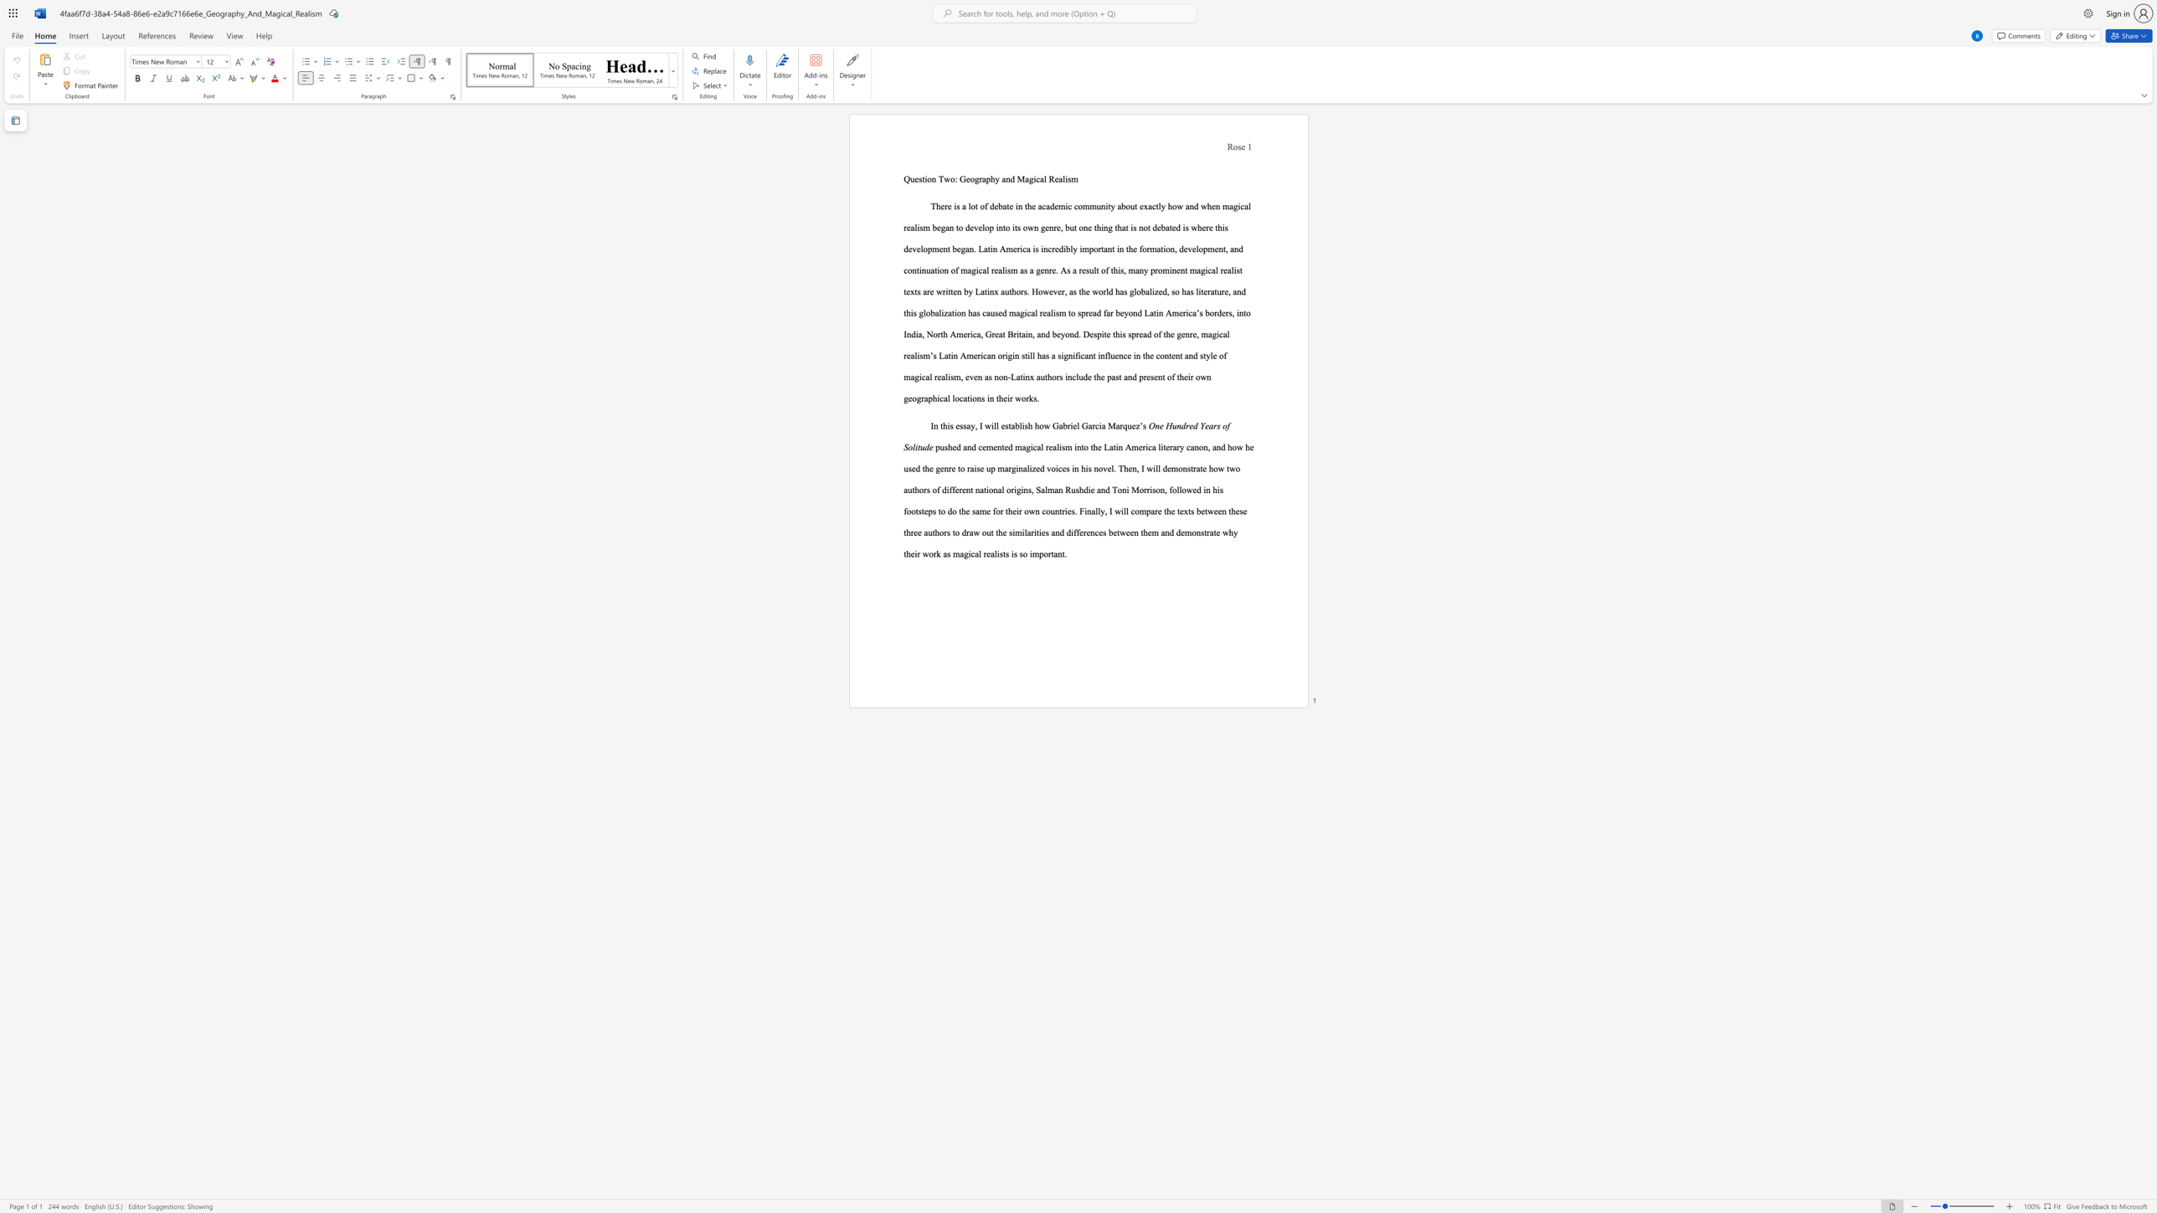 The width and height of the screenshot is (2157, 1213). Describe the element at coordinates (981, 425) in the screenshot. I see `the 2th character "I" in the text` at that location.